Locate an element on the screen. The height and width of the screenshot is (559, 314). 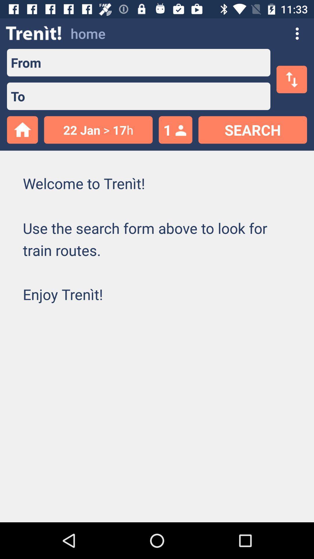
text is located at coordinates (155, 63).